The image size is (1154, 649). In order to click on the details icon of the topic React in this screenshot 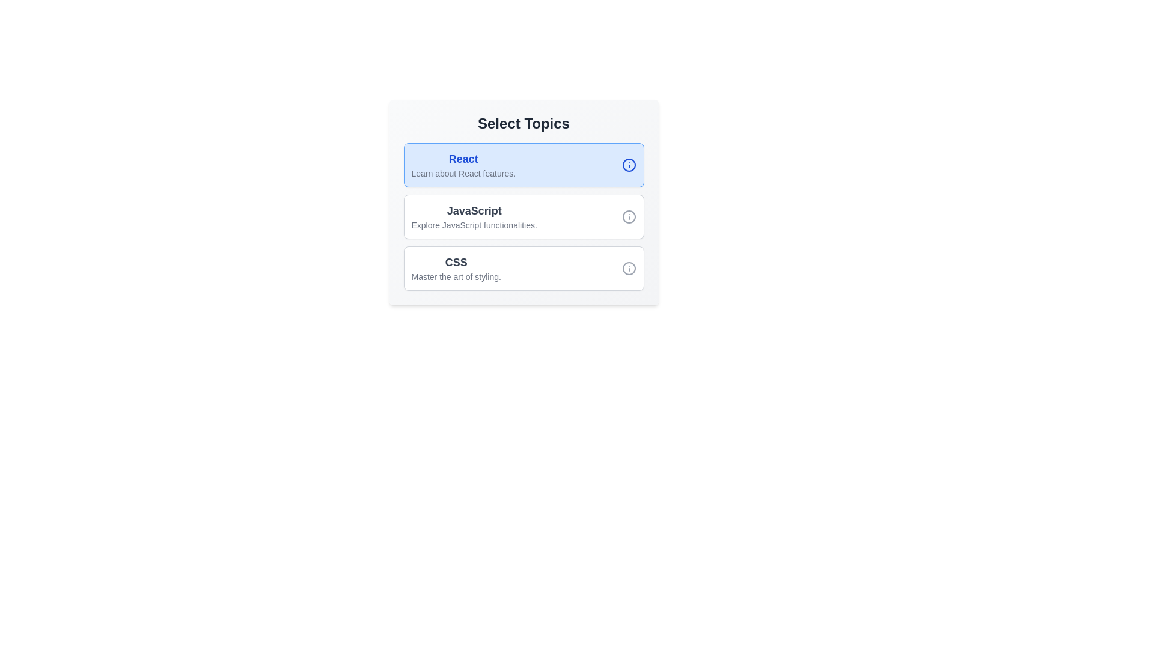, I will do `click(628, 165)`.